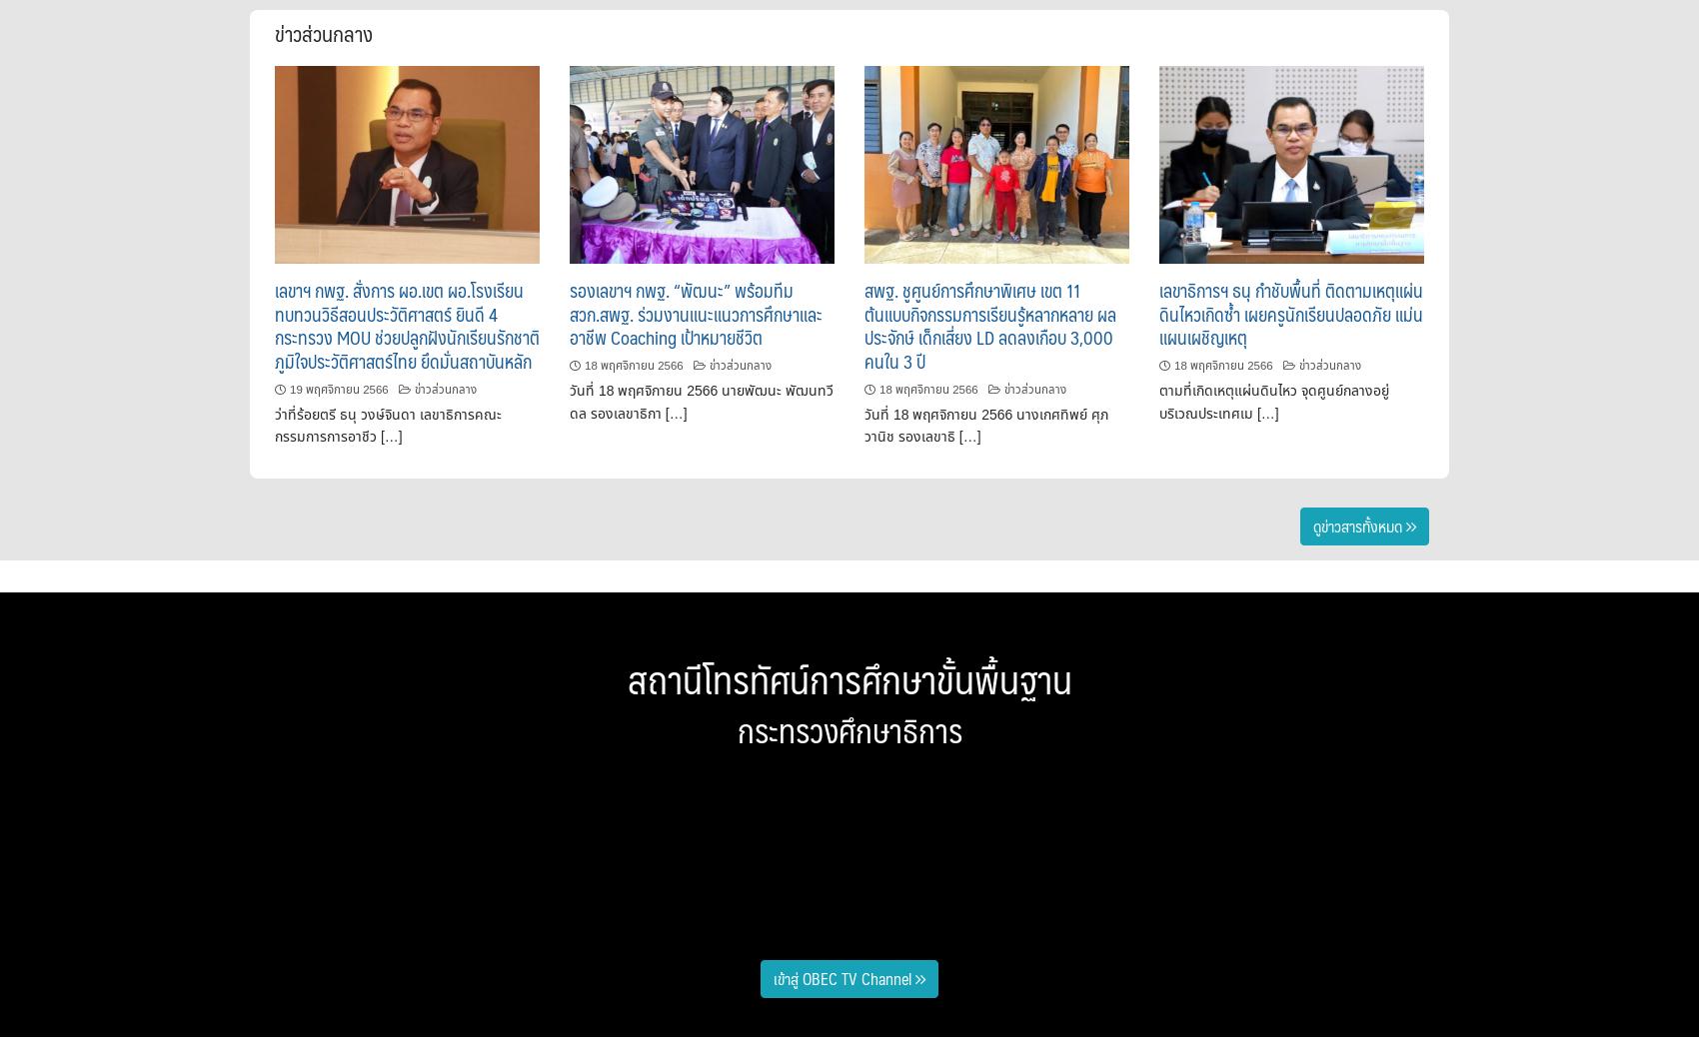  I want to click on 'ประชุมสัมมนา ผู้อำนวยการเขตพื้นที่การศึกษาทั่วประเทศ ครั้งที่ 3/2566', so click(963, 790).